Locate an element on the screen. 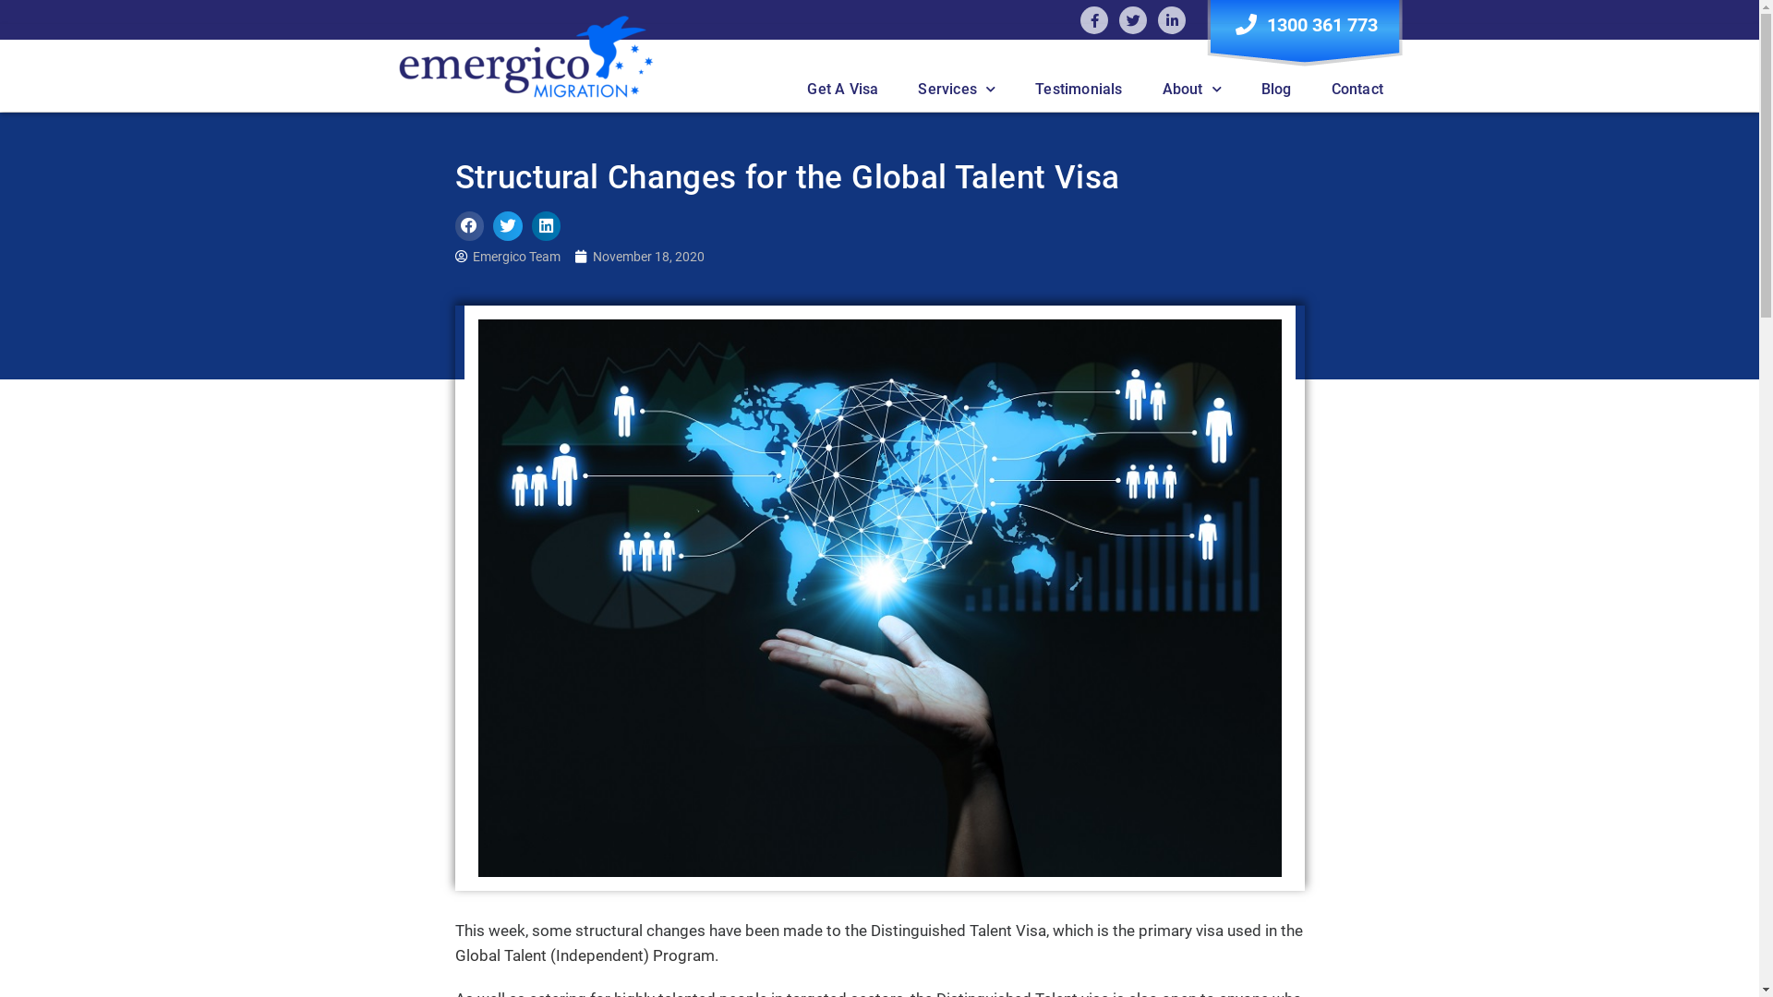 This screenshot has height=997, width=1773. 'Services' is located at coordinates (957, 89).